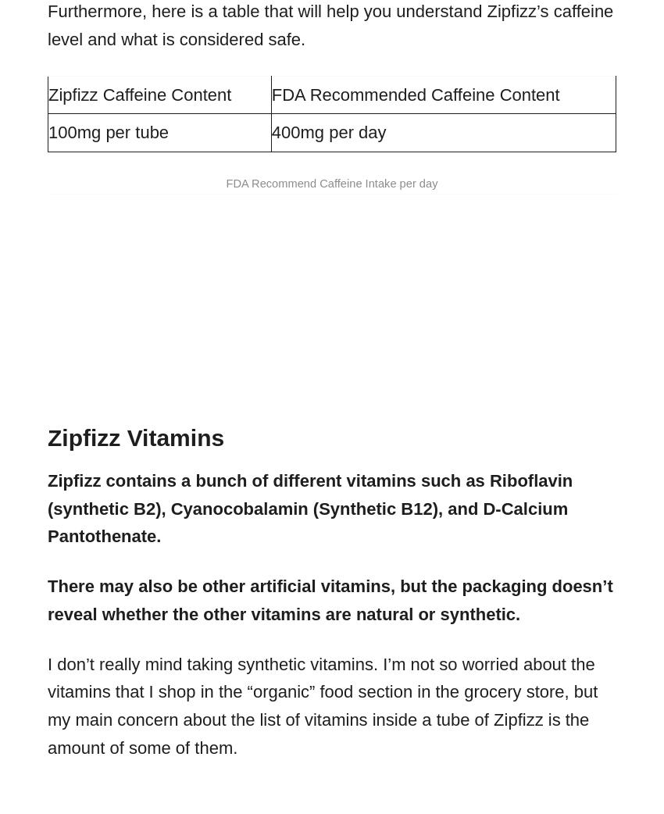 The height and width of the screenshot is (814, 664). Describe the element at coordinates (330, 598) in the screenshot. I see `'There may also be other artificial vitamins, but the packaging doesn’t reveal whether the other vitamins are natural or synthetic.'` at that location.